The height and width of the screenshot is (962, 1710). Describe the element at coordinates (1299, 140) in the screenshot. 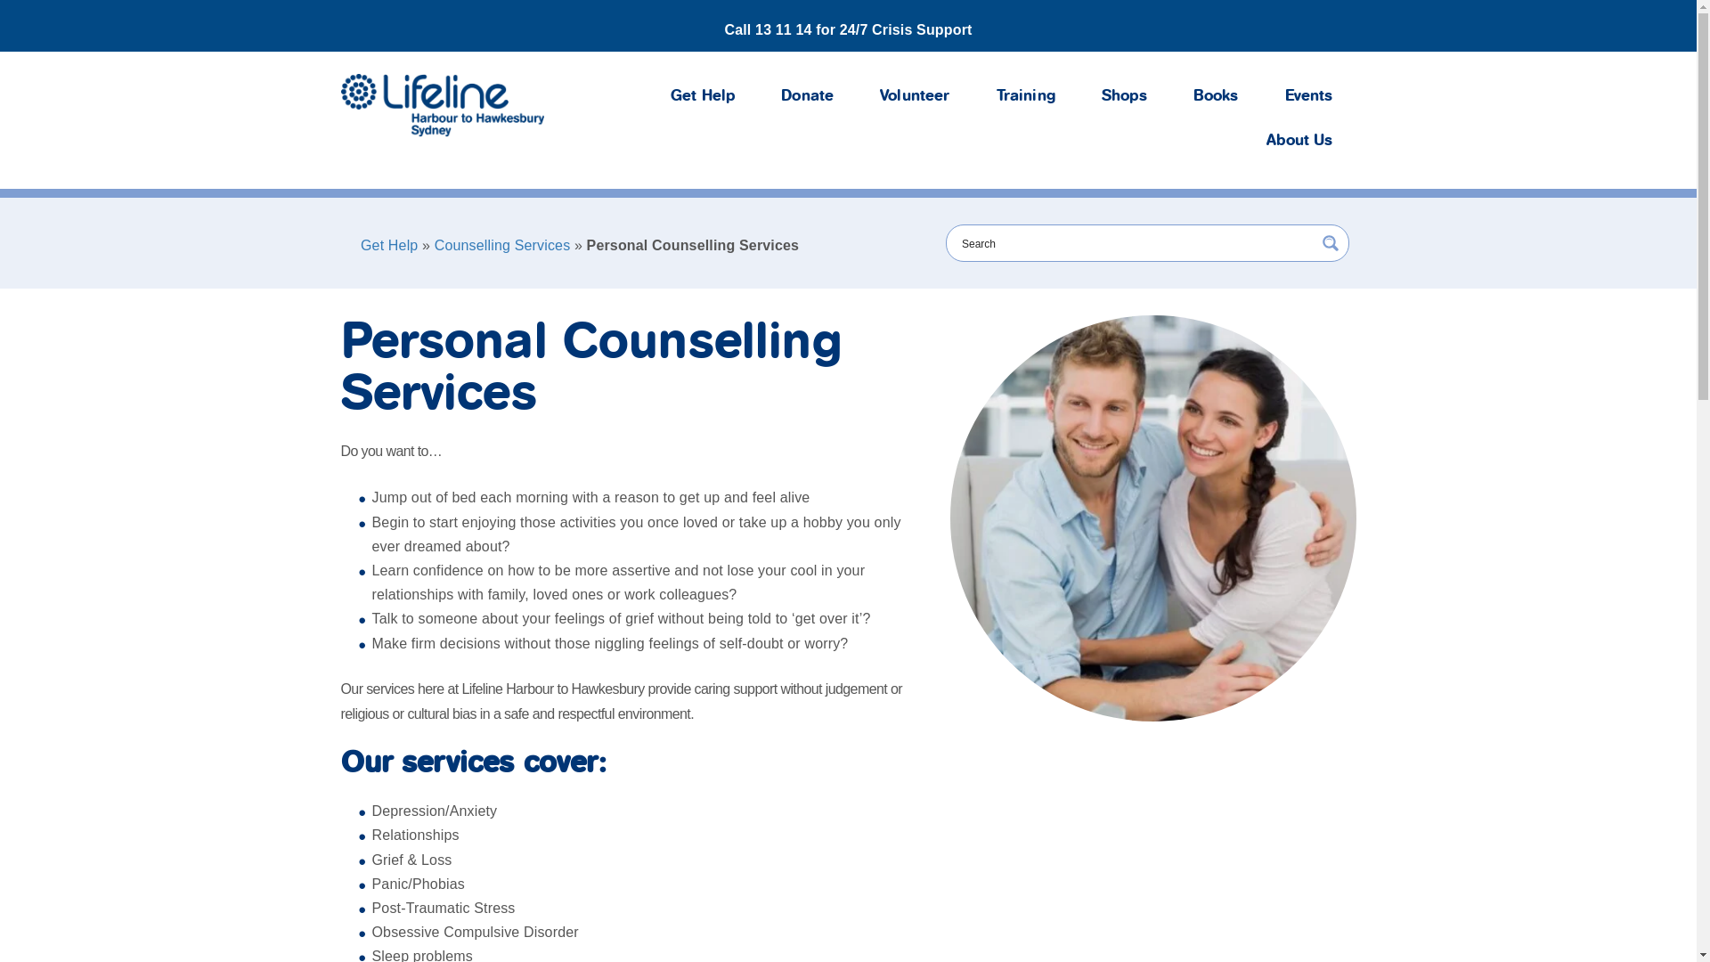

I see `'About Us'` at that location.